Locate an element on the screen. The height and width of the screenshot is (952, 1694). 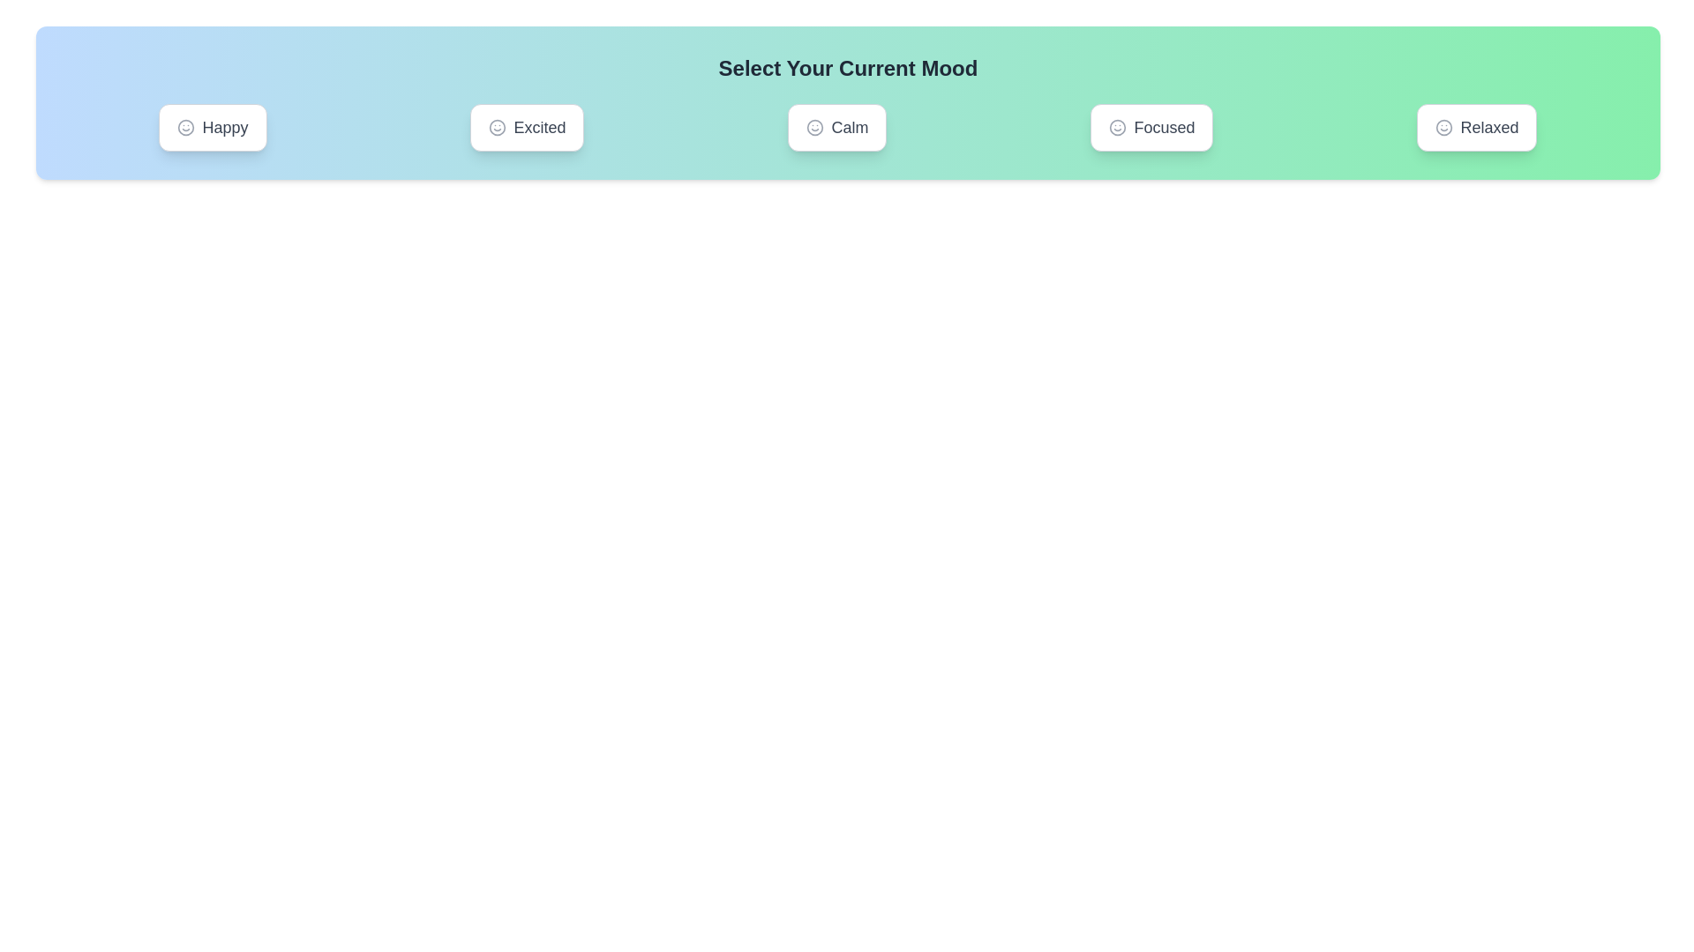
the button labeled Calm to observe its hover effect is located at coordinates (836, 127).